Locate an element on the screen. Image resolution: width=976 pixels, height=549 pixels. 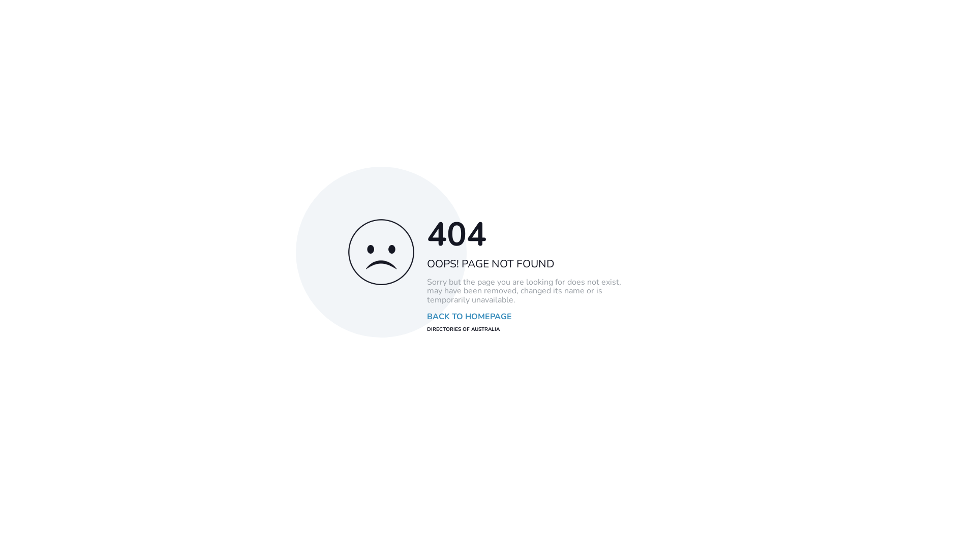
'BACK TO HOMEPAGE' is located at coordinates (469, 317).